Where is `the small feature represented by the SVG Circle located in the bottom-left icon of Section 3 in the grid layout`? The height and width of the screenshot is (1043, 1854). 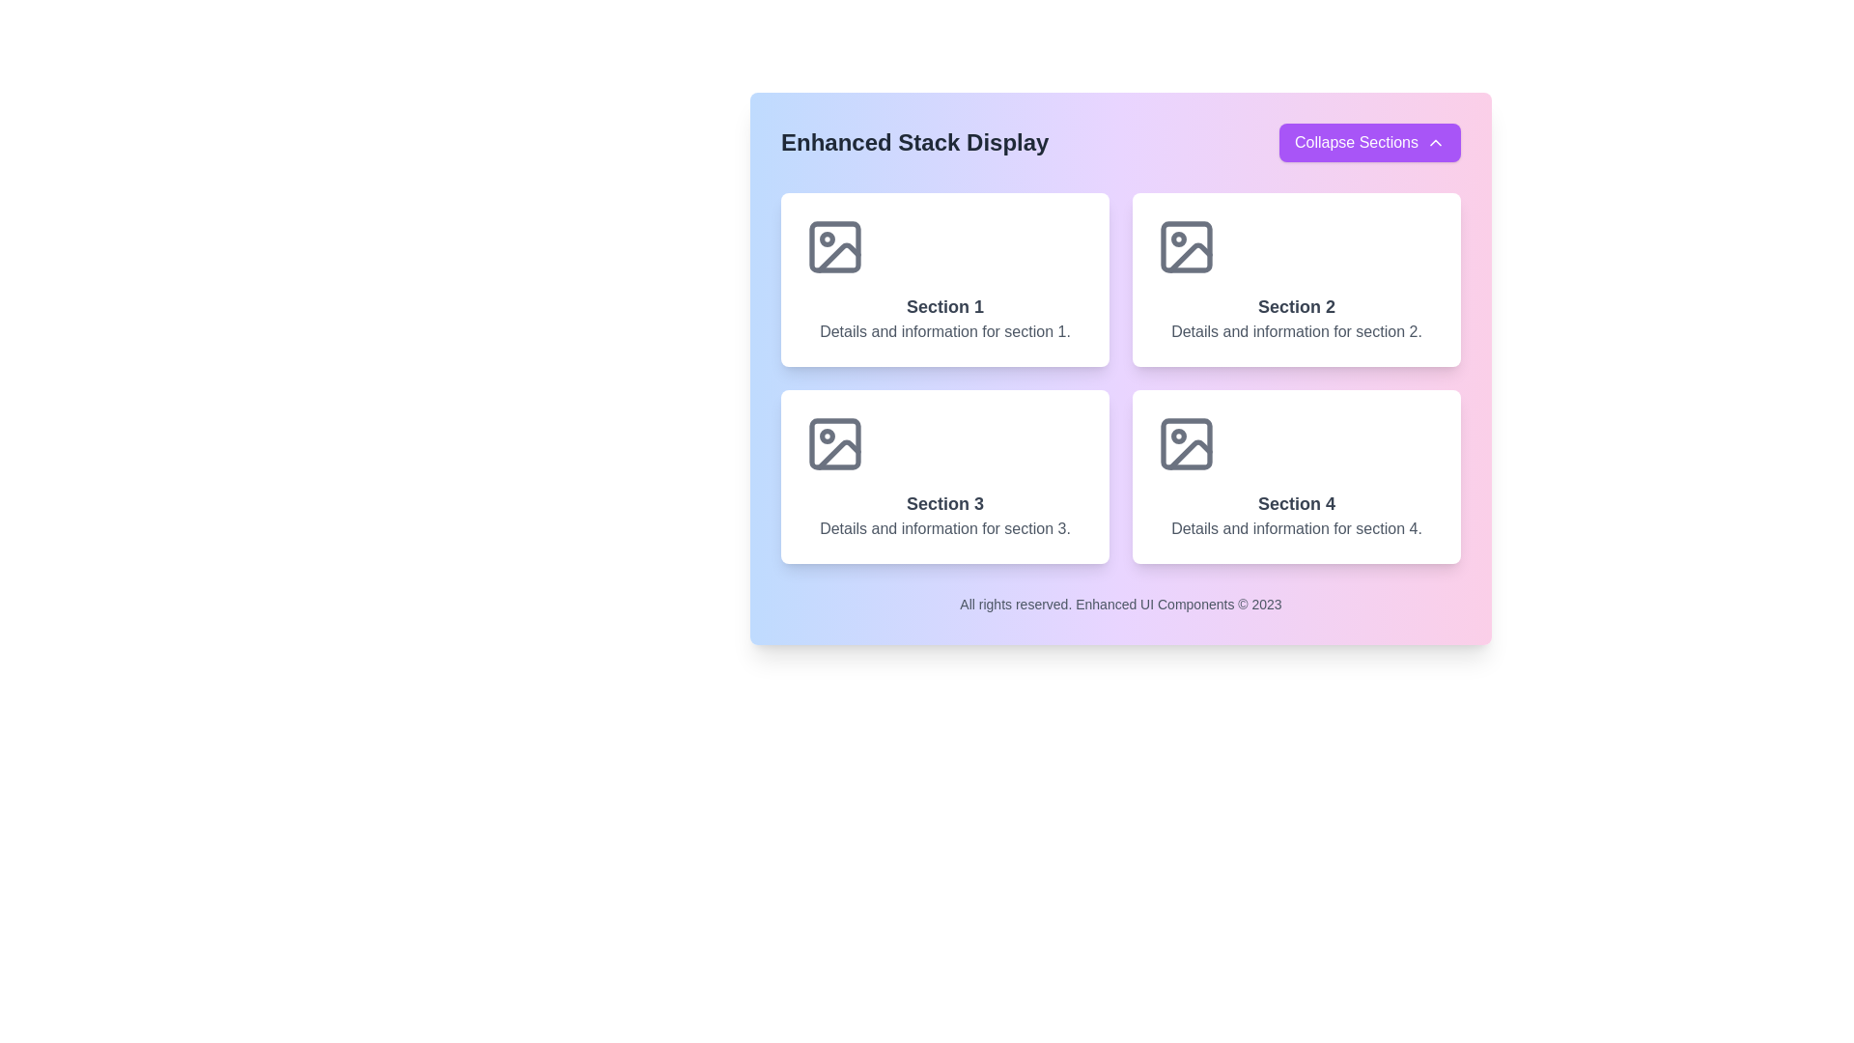
the small feature represented by the SVG Circle located in the bottom-left icon of Section 3 in the grid layout is located at coordinates (828, 436).